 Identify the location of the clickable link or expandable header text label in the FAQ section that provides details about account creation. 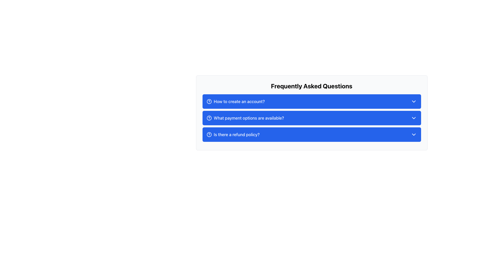
(239, 102).